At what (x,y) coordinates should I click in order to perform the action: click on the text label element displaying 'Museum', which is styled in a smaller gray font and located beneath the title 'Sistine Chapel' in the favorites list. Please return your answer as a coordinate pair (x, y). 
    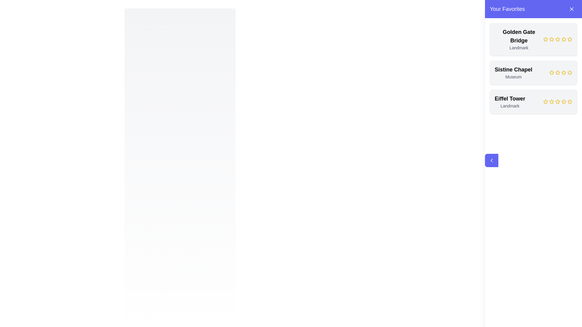
    Looking at the image, I should click on (513, 77).